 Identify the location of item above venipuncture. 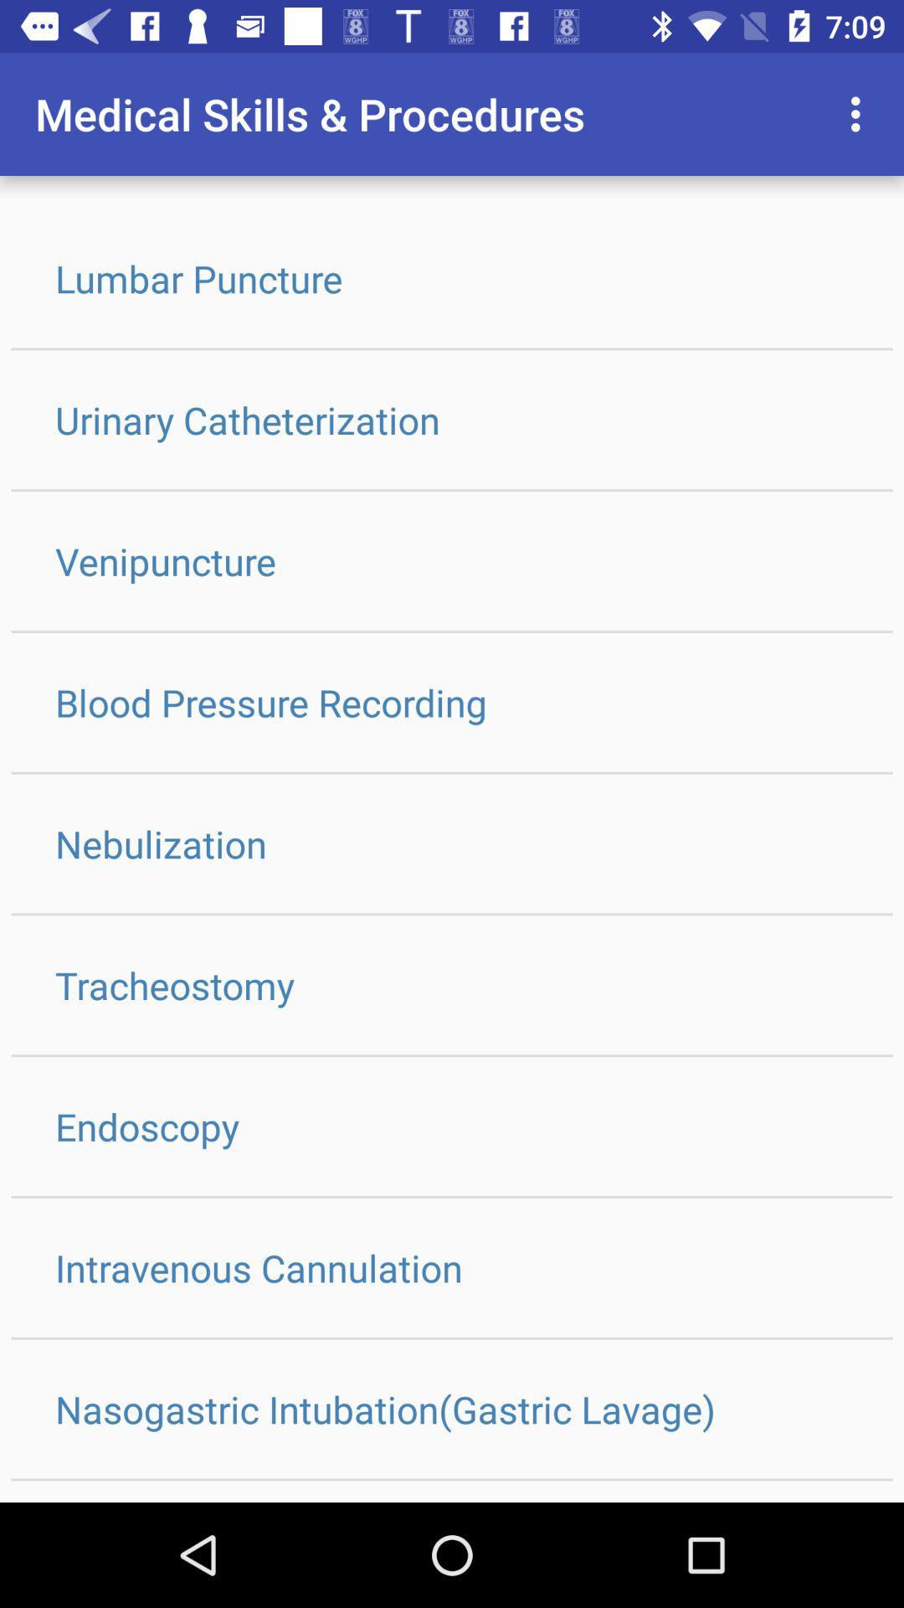
(452, 420).